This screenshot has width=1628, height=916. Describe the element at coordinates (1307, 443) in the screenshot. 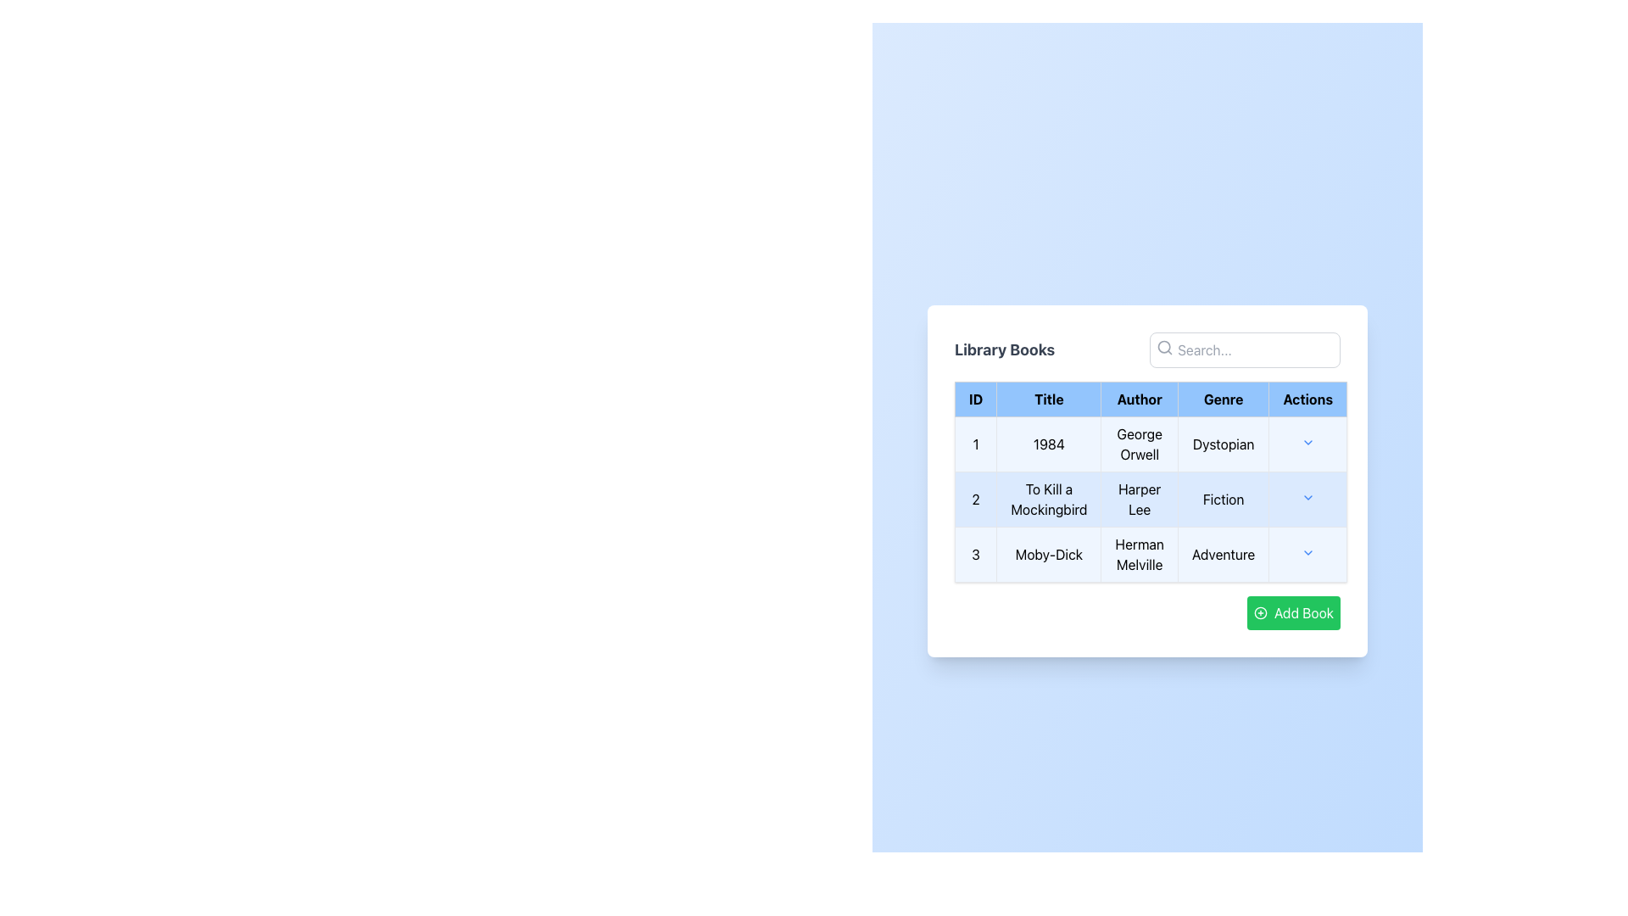

I see `the Dropdown icon located in the final cell of the first row under the 'Actions' column` at that location.